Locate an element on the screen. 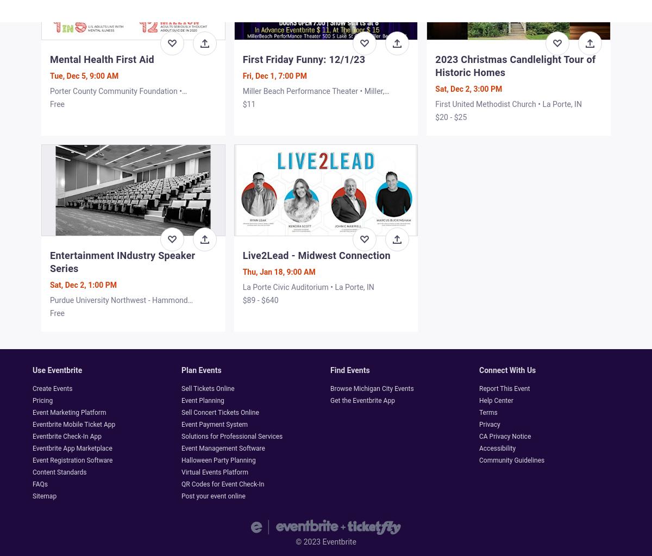 This screenshot has width=652, height=556. 'Entertainment INdustry Speaker Series' is located at coordinates (122, 261).